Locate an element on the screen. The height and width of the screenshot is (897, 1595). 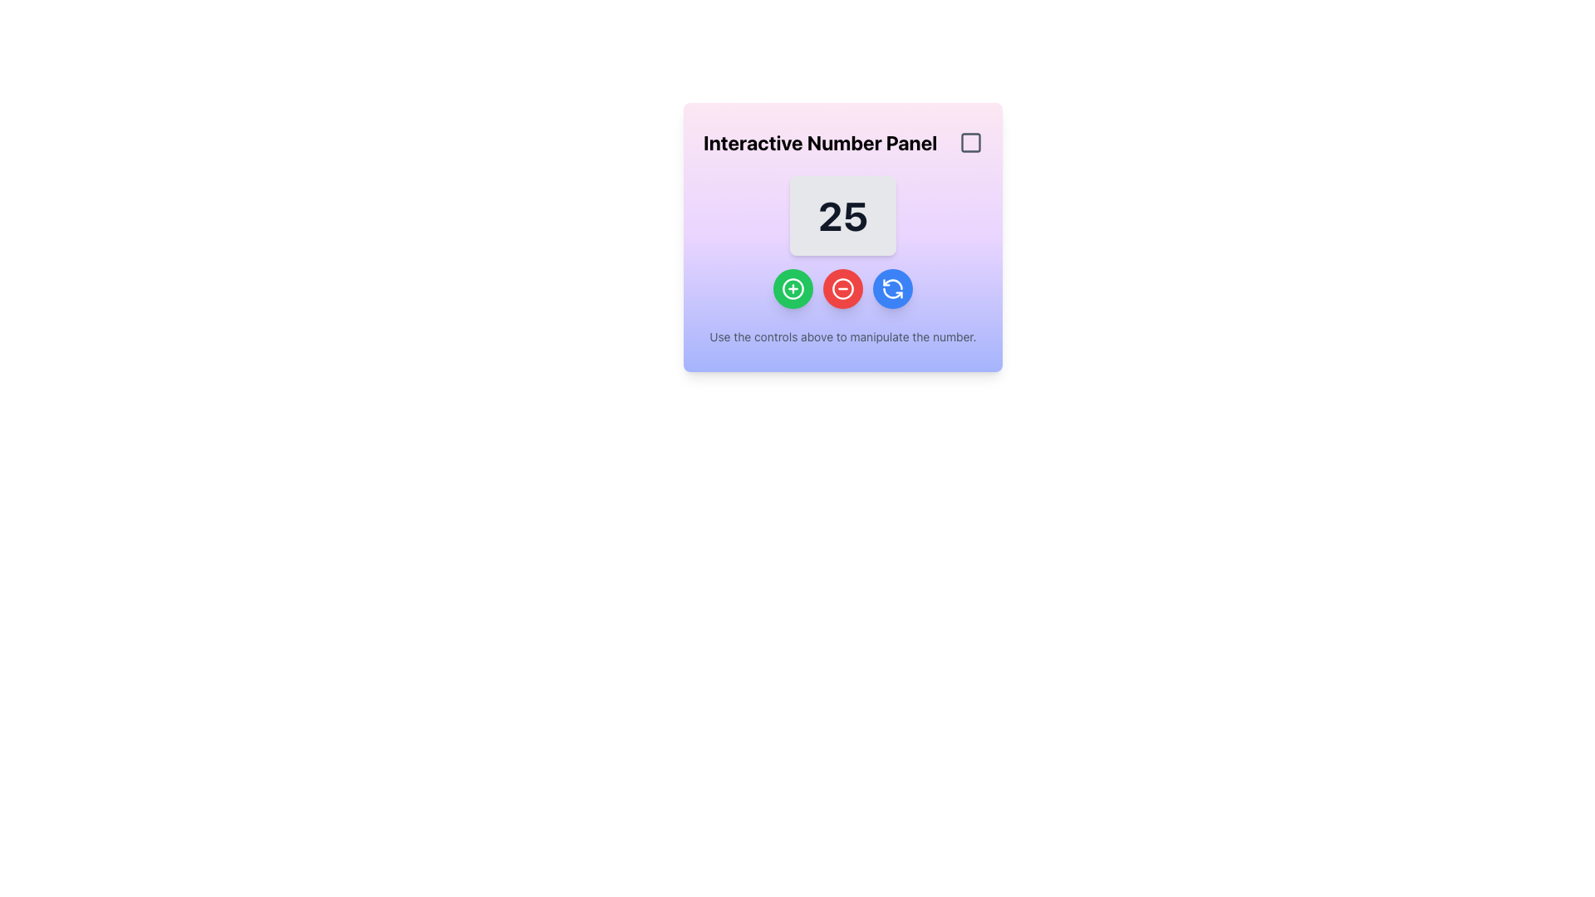
the red circular button with a white minus sign, which is the central button in a row of three action buttons located near the bottom of the user interface card, to activate any hover effects is located at coordinates (842, 287).